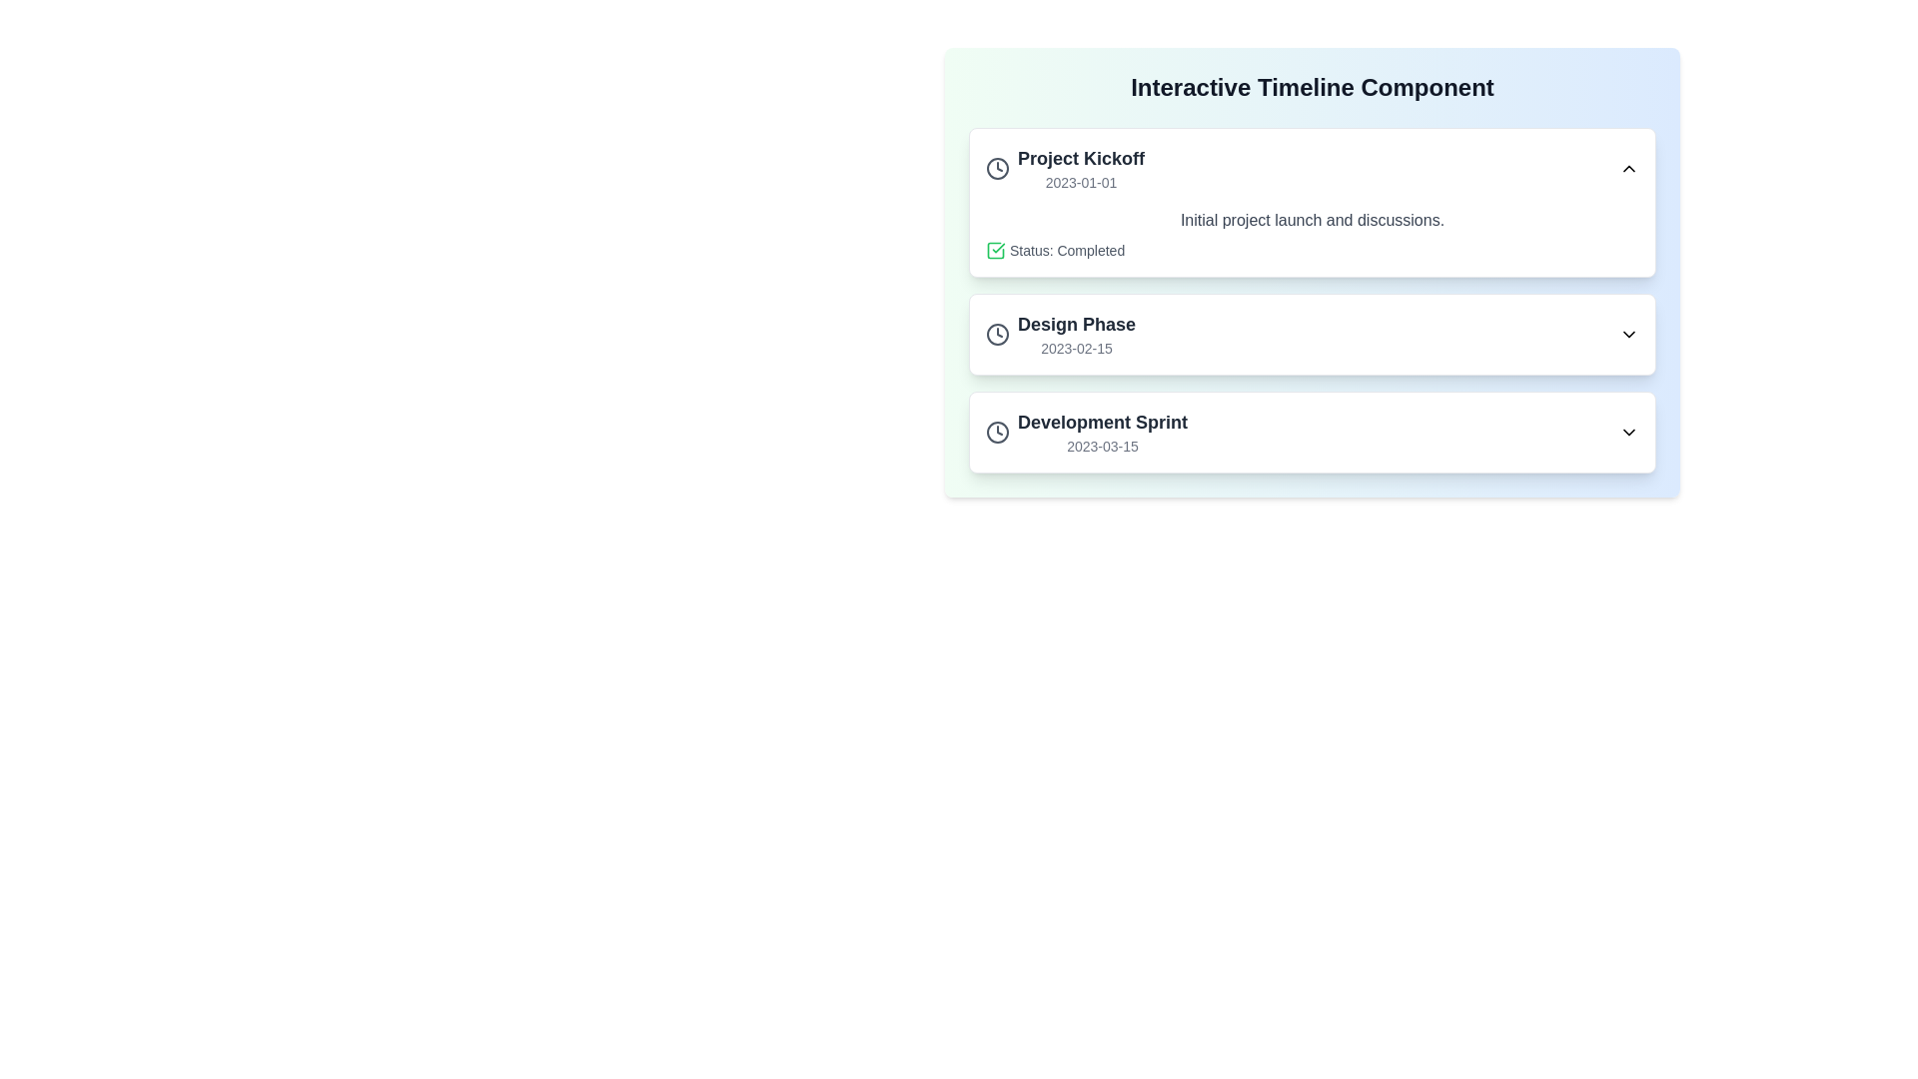 This screenshot has width=1918, height=1079. Describe the element at coordinates (1076, 334) in the screenshot. I see `the text display element that shows 'Design Phase' in bold and '2023-02-15' below it, positioned in the main content area of the timeline events list` at that location.